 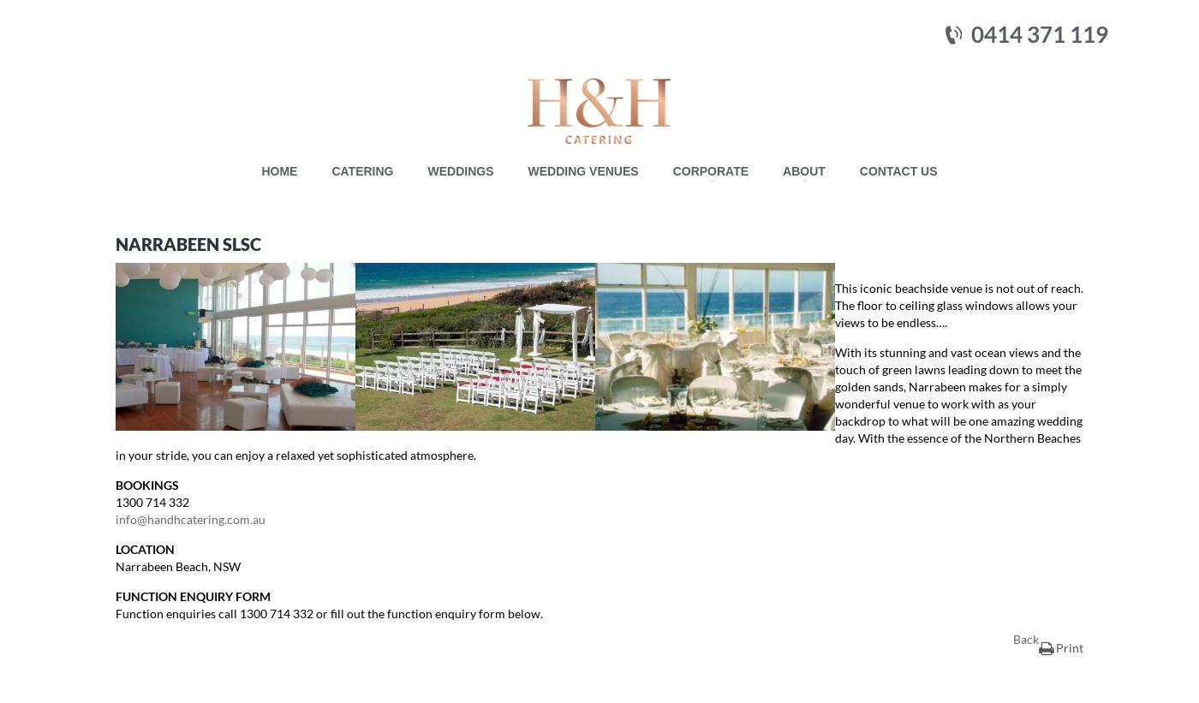 What do you see at coordinates (151, 501) in the screenshot?
I see `'1300 714 332'` at bounding box center [151, 501].